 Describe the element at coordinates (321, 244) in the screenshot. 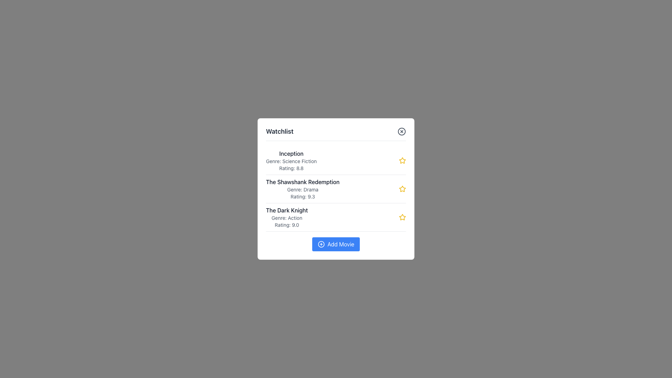

I see `the circular icon with a plus symbol inside, located to the left of the 'Add Movie' text` at that location.